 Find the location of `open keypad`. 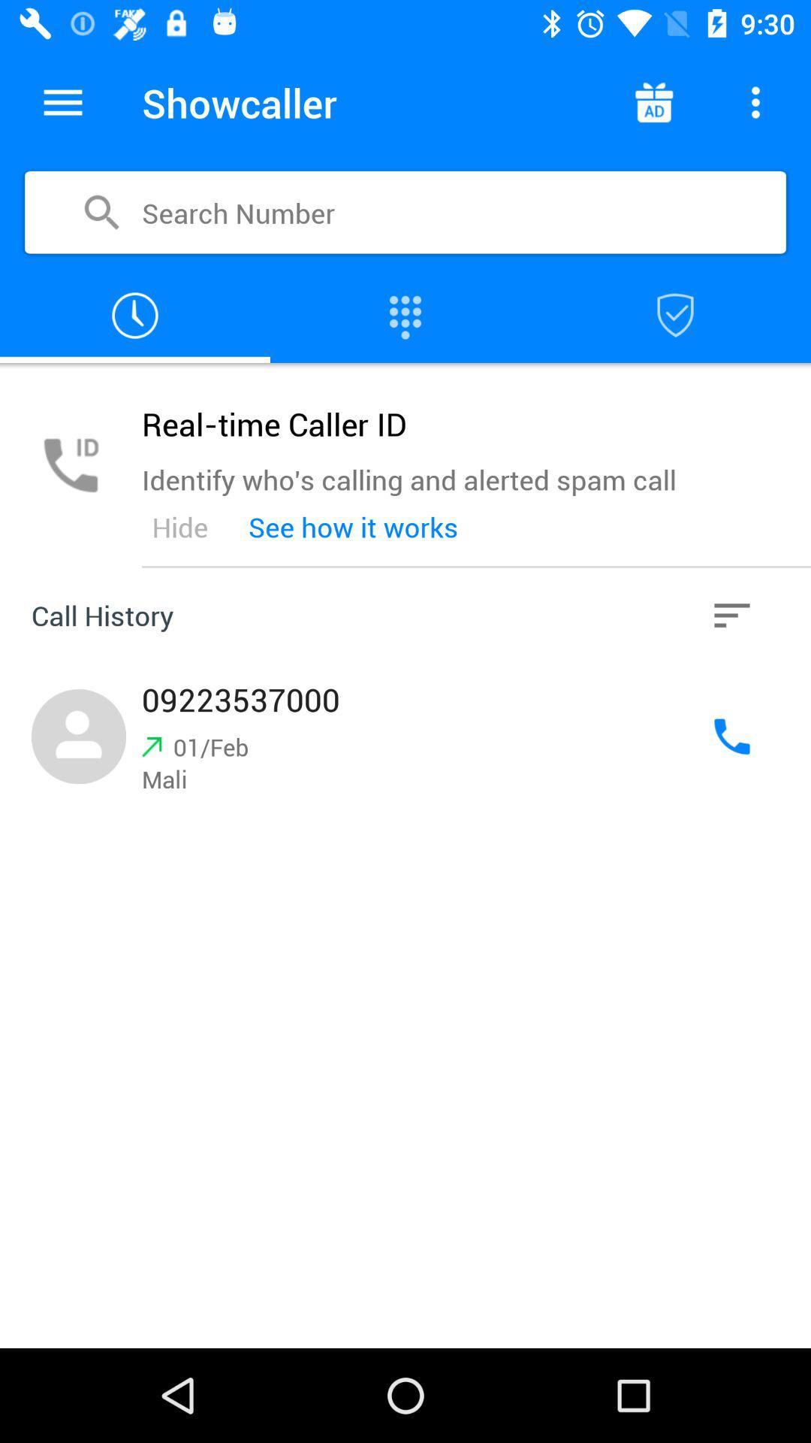

open keypad is located at coordinates (405, 315).